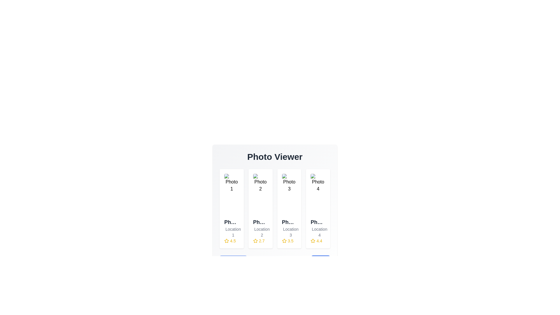 The image size is (560, 315). I want to click on the yellow star icon representing a rating of 3.5, located in the rating display of the third photo card in the 'Photo Viewer' component, so click(284, 241).